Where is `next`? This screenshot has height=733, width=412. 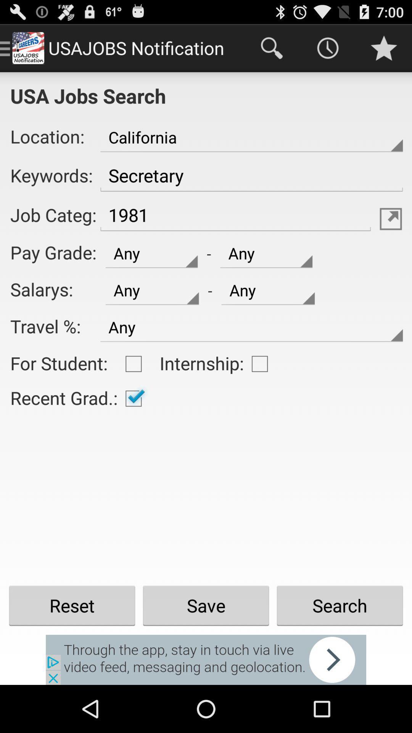 next is located at coordinates (206, 659).